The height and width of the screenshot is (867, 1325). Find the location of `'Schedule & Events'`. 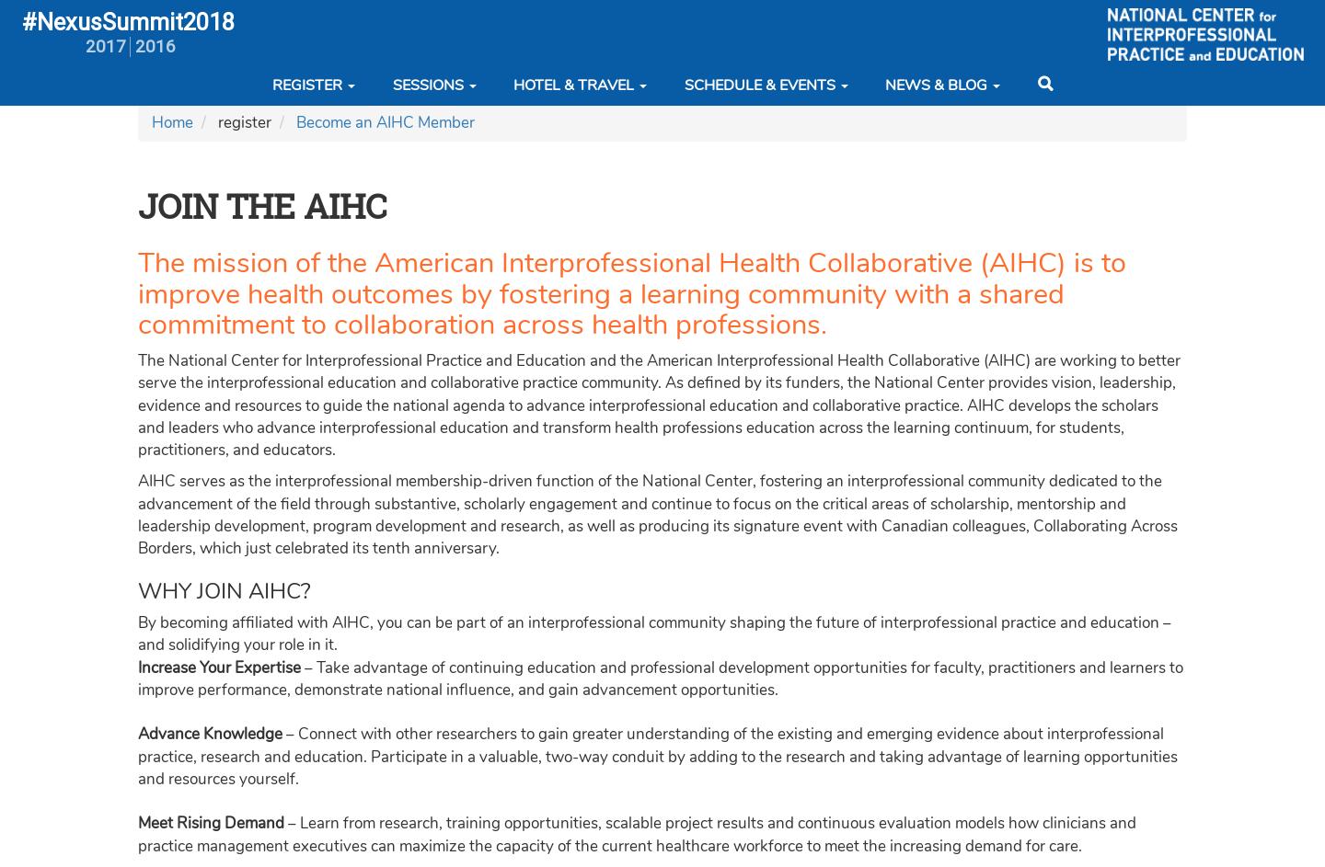

'Schedule & Events' is located at coordinates (760, 84).